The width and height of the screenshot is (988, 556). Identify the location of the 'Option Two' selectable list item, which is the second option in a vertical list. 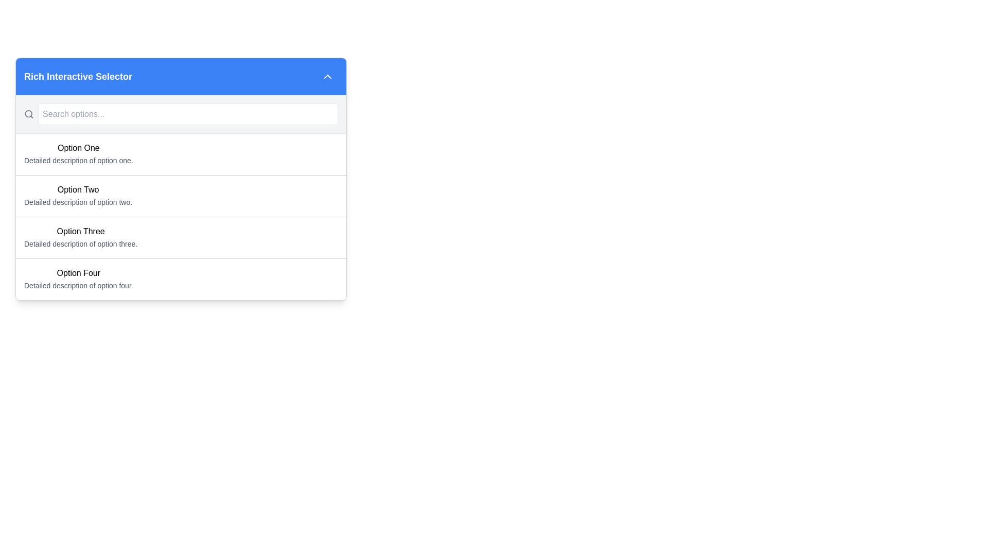
(181, 196).